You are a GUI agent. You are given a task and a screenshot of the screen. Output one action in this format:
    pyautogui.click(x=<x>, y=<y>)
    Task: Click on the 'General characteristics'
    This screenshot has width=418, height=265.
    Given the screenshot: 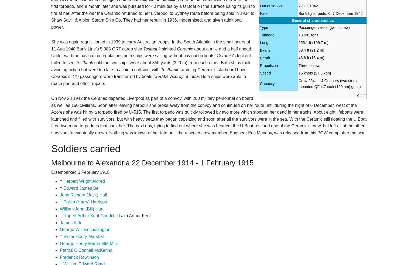 What is the action you would take?
    pyautogui.click(x=312, y=20)
    